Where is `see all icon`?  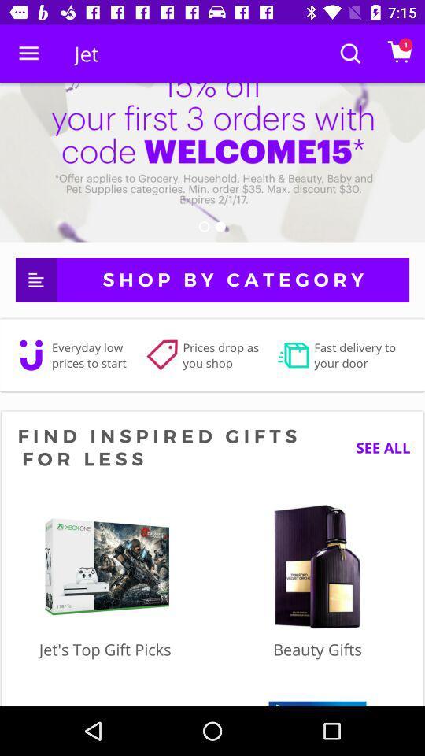
see all icon is located at coordinates (376, 447).